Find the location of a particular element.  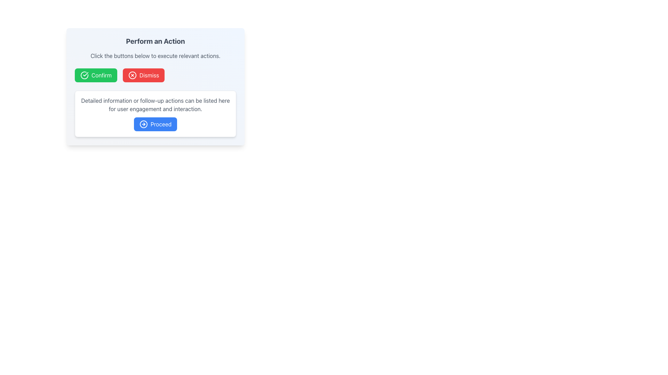

the directionality icon located on the right part of the 'Proceed' button, which enhances its functionality for suggesting forward navigation is located at coordinates (143, 124).